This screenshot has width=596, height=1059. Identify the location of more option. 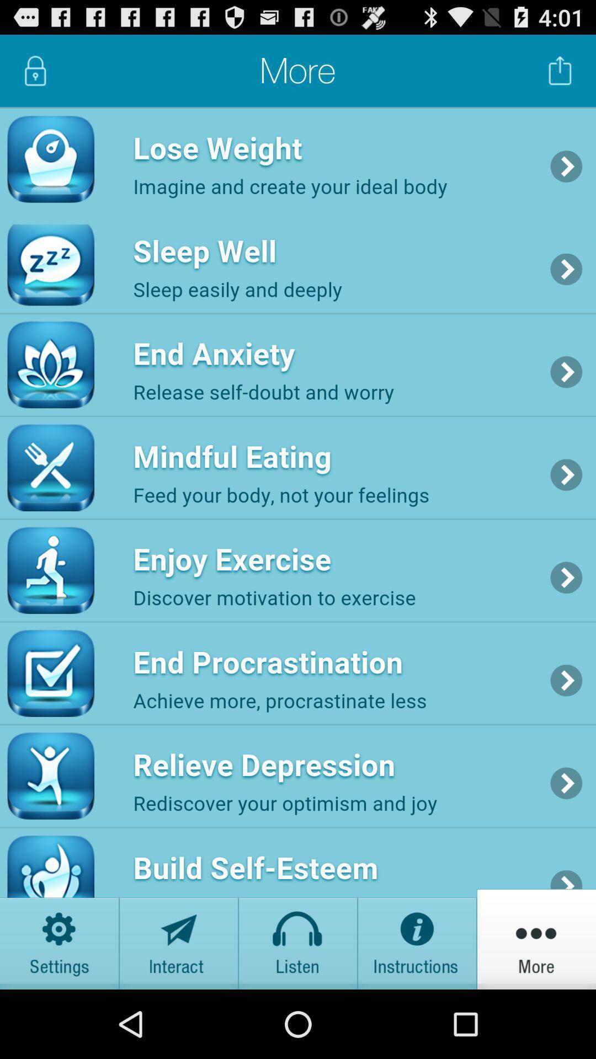
(536, 938).